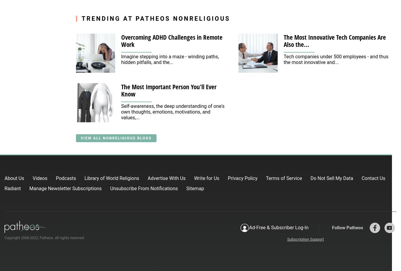 Image resolution: width=401 pixels, height=271 pixels. What do you see at coordinates (305, 239) in the screenshot?
I see `'Subscription Support'` at bounding box center [305, 239].